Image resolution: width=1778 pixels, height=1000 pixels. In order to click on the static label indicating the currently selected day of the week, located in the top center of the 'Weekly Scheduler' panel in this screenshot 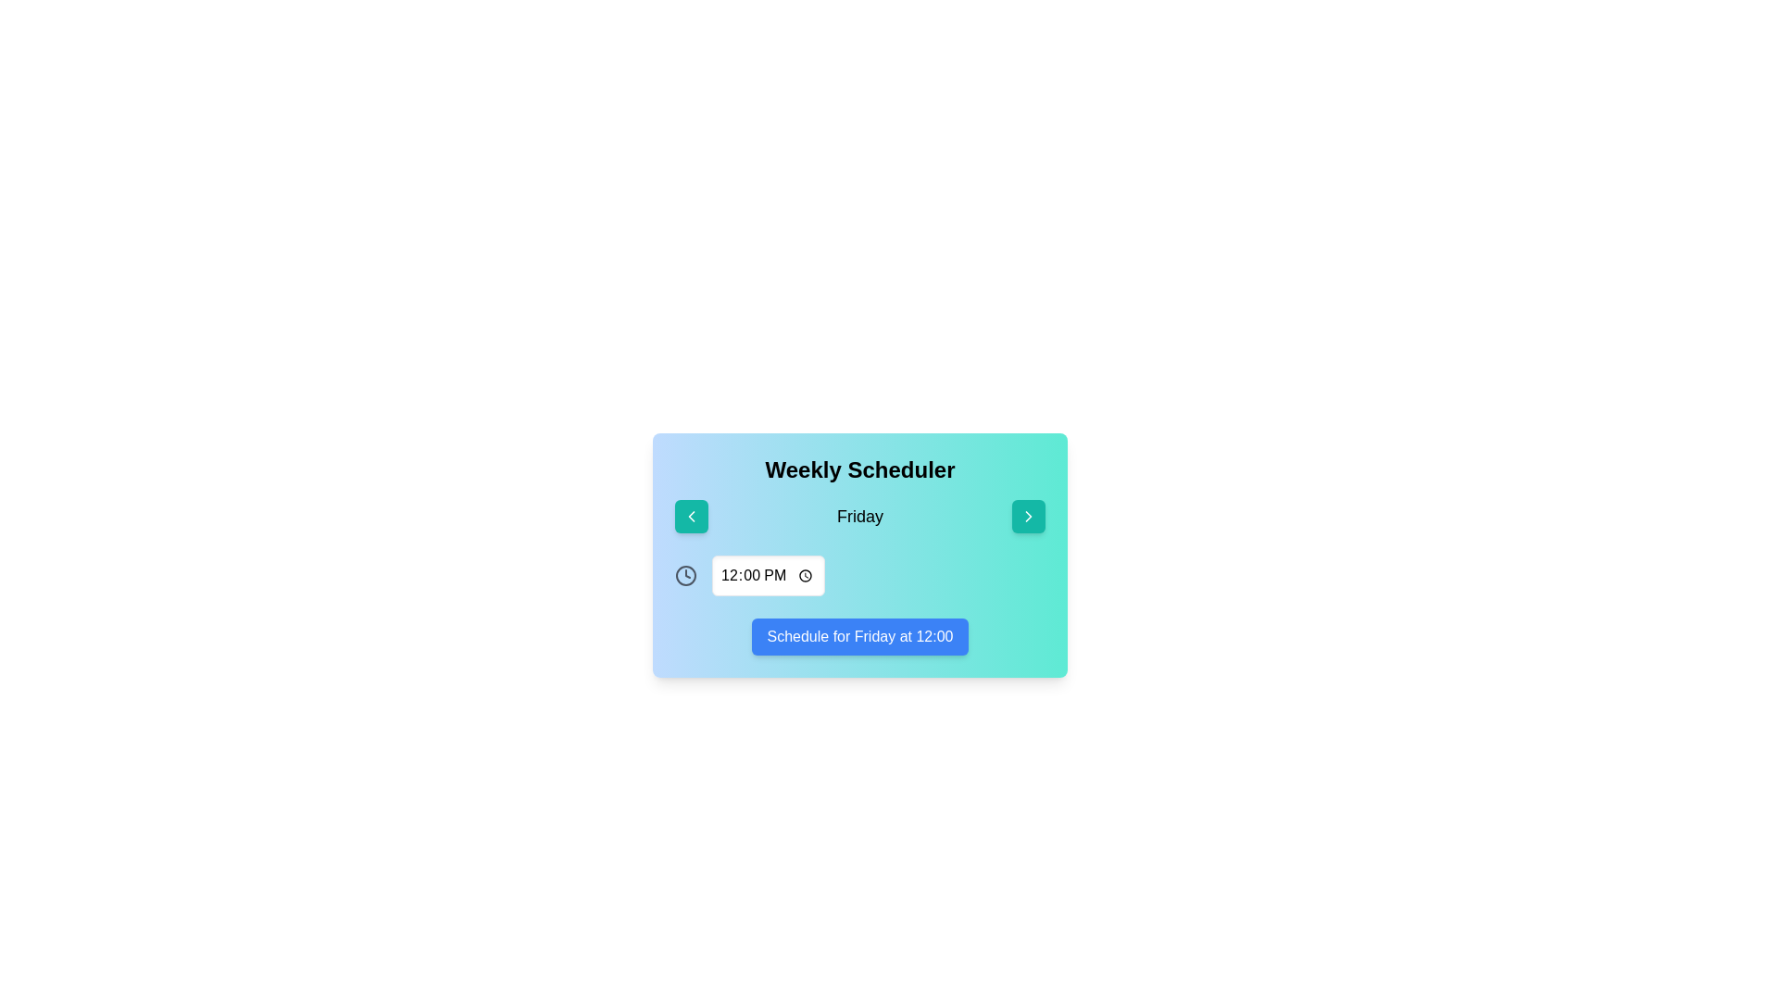, I will do `click(859, 517)`.